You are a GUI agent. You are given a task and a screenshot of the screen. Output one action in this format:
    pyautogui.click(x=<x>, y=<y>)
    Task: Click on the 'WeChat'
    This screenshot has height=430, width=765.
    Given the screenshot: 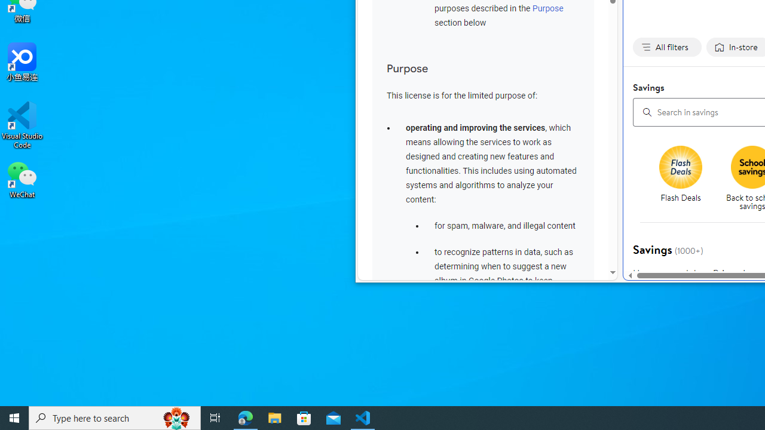 What is the action you would take?
    pyautogui.click(x=22, y=179)
    